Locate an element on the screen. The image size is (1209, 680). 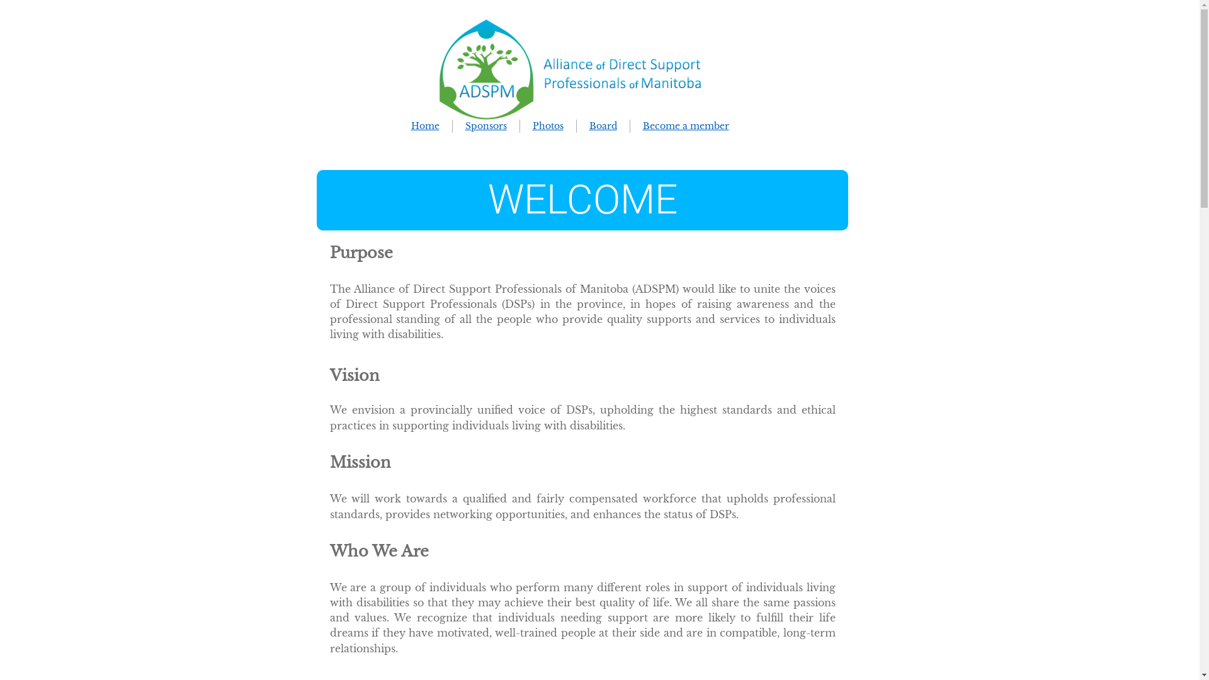
'Board' is located at coordinates (603, 126).